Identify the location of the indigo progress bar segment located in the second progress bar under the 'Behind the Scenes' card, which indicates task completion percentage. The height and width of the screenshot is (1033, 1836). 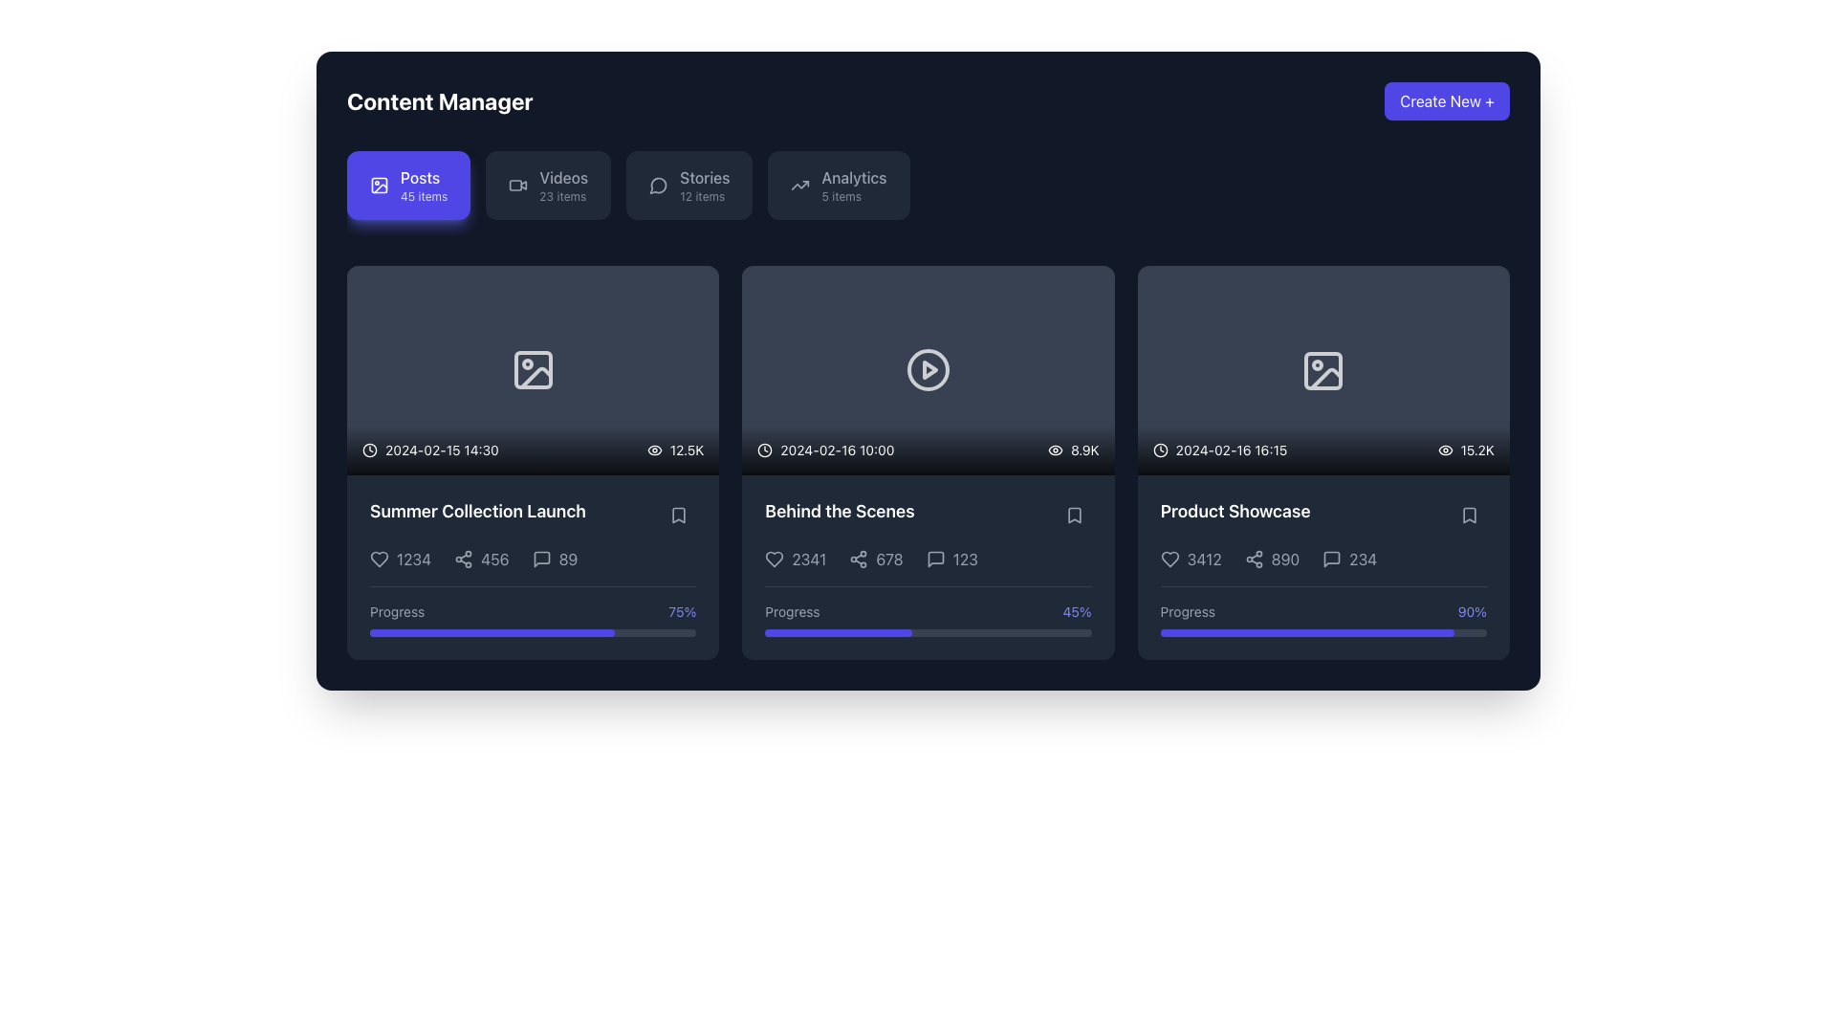
(839, 632).